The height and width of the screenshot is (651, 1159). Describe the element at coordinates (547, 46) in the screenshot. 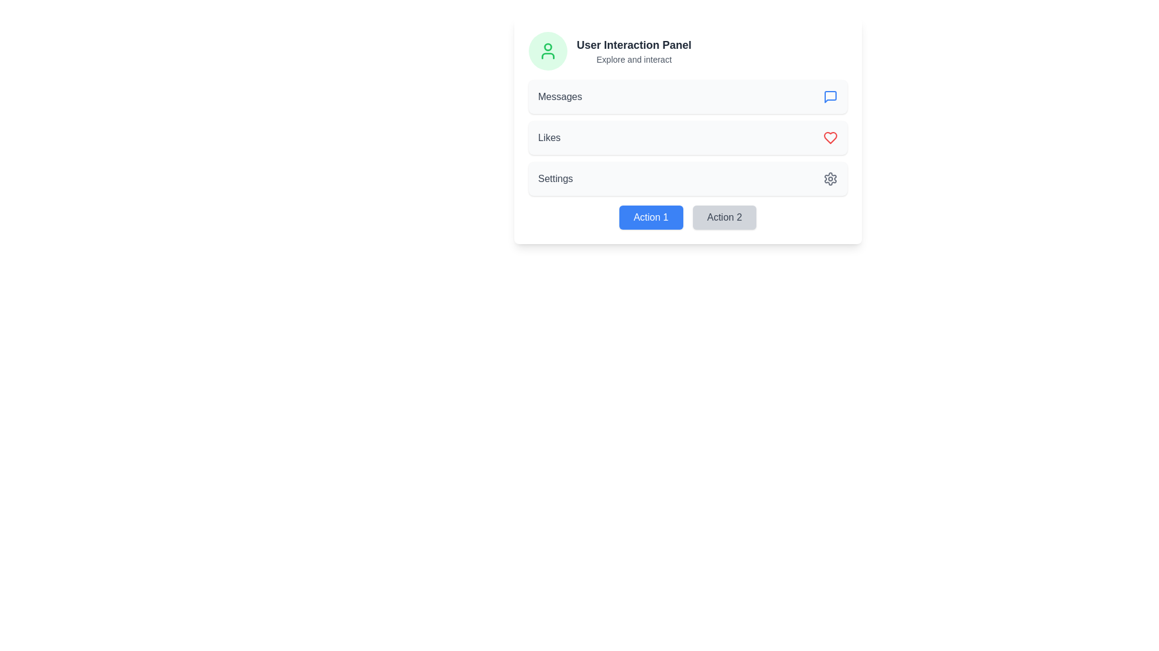

I see `the Decorative SVG circle component representing the user's head icon, located at the top-left corner of the panel` at that location.